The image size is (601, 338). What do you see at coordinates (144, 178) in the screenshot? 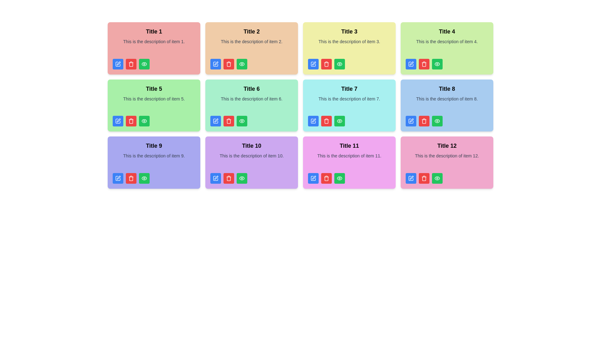
I see `the SVG-based eye symbol icon located at the bottom-right of the card titled 'Title 9'` at bounding box center [144, 178].